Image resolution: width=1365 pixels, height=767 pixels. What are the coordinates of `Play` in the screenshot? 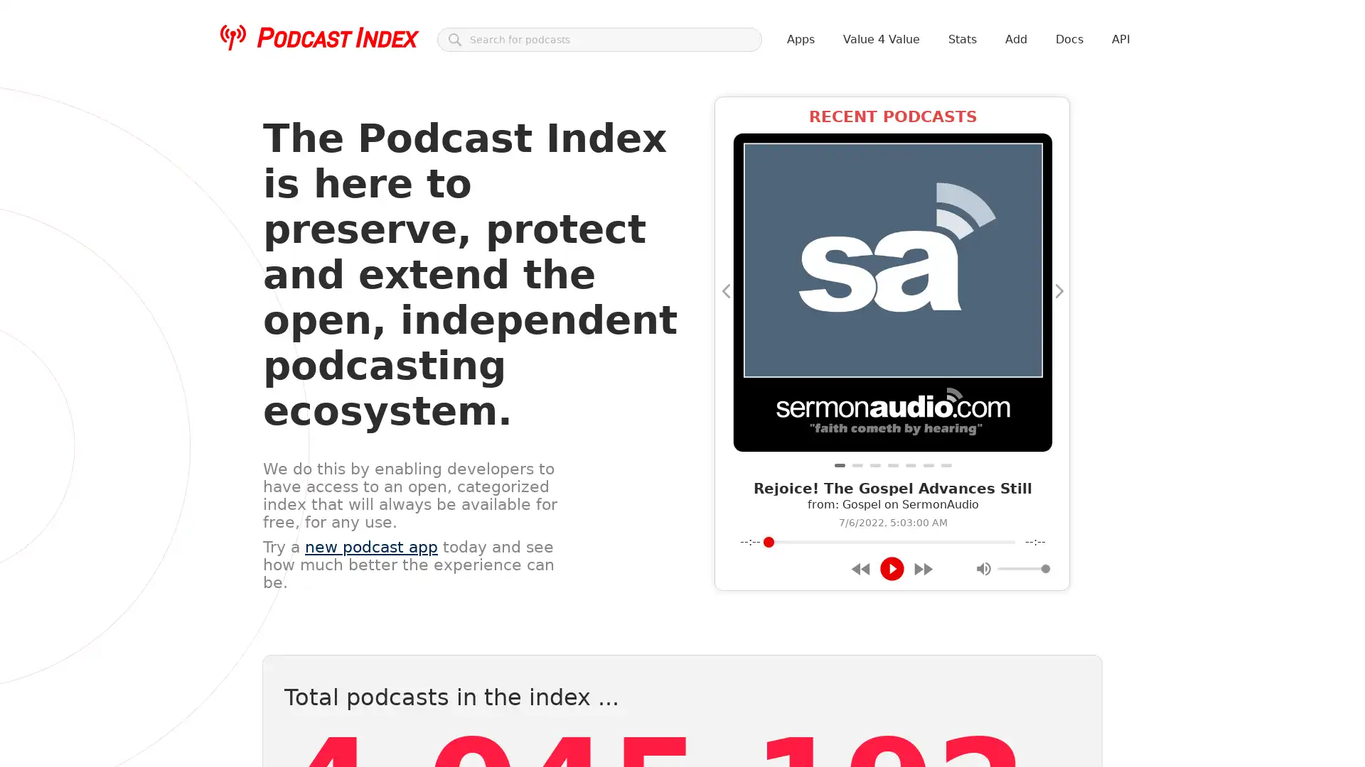 It's located at (891, 568).